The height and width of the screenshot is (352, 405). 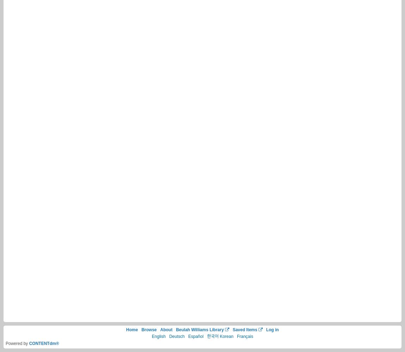 I want to click on 'Powered by', so click(x=17, y=343).